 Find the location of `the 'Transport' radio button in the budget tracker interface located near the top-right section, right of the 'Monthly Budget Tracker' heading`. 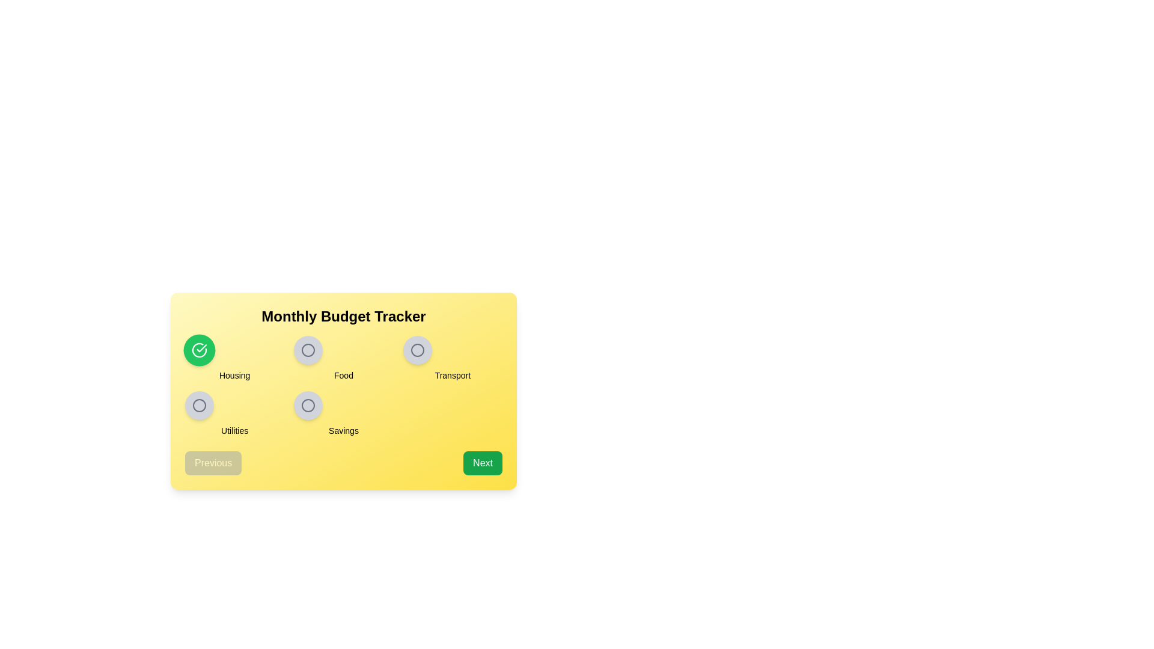

the 'Transport' radio button in the budget tracker interface located near the top-right section, right of the 'Monthly Budget Tracker' heading is located at coordinates (417, 350).